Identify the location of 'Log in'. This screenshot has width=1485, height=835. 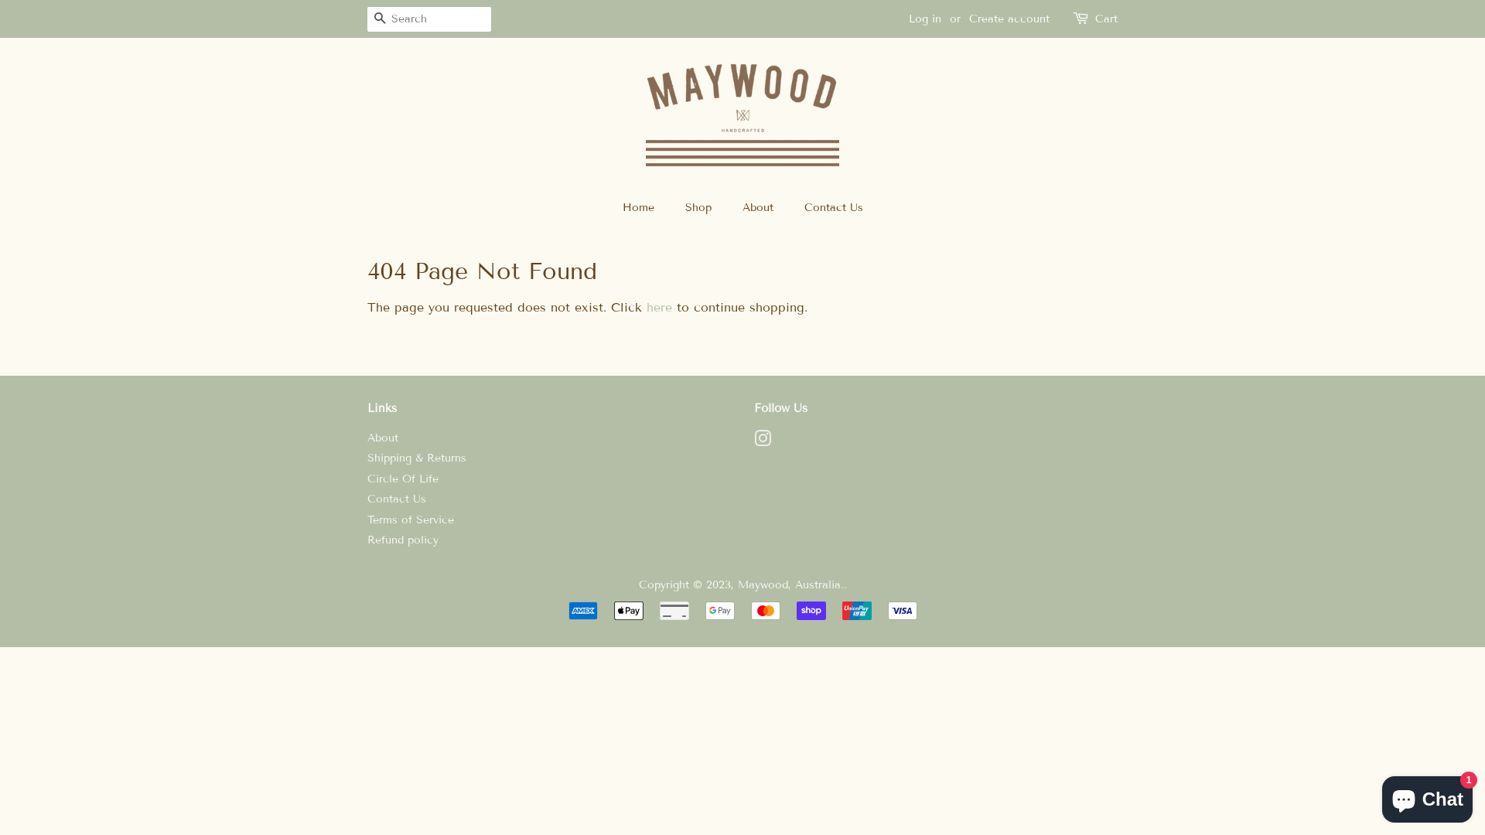
(924, 19).